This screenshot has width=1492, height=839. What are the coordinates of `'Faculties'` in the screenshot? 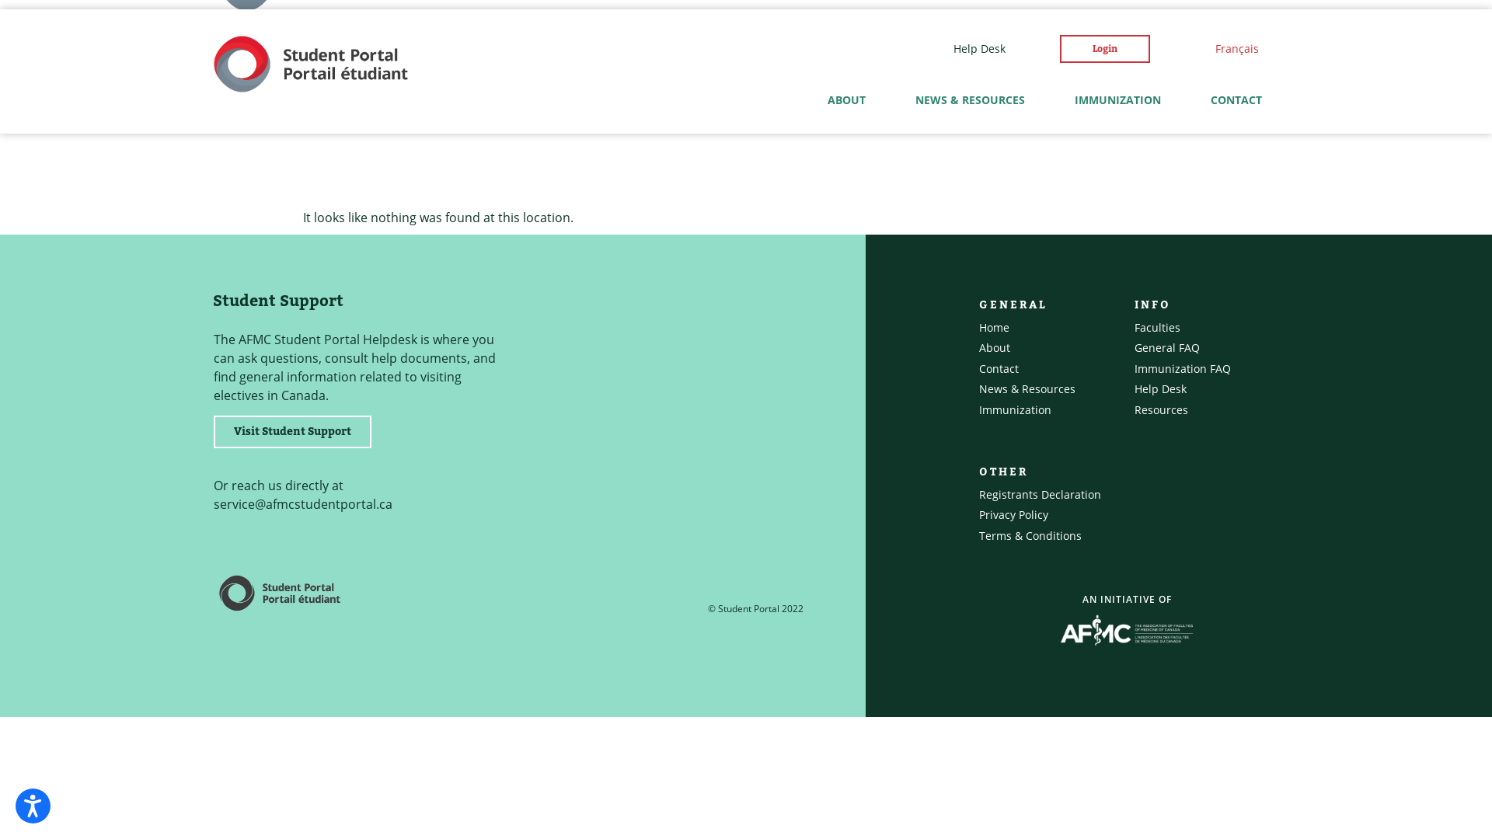 It's located at (1157, 326).